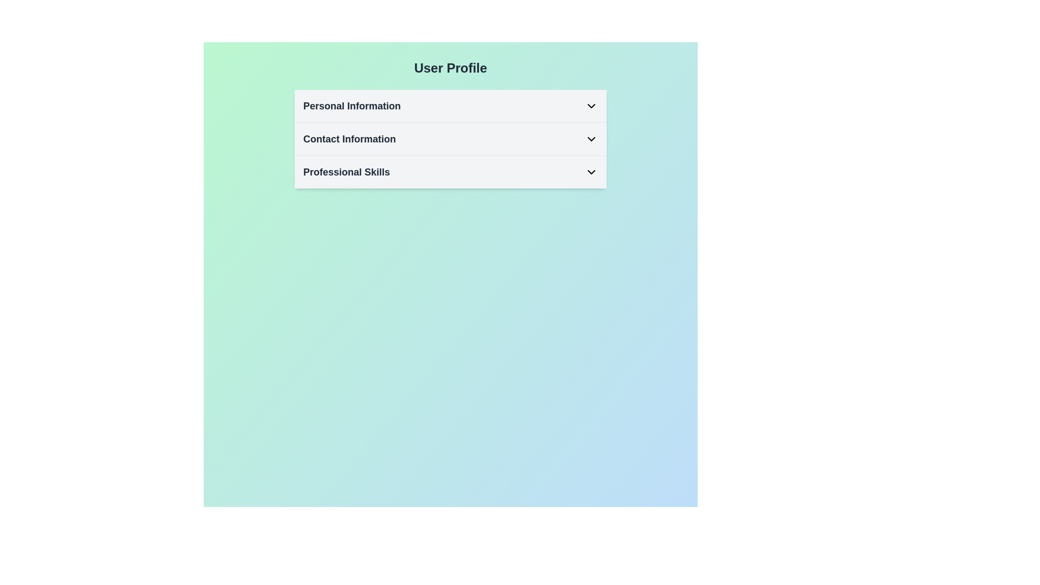 The image size is (1040, 585). Describe the element at coordinates (590, 106) in the screenshot. I see `the Downward-chevron icon located at the top-right corner of the 'Personal Information' section` at that location.